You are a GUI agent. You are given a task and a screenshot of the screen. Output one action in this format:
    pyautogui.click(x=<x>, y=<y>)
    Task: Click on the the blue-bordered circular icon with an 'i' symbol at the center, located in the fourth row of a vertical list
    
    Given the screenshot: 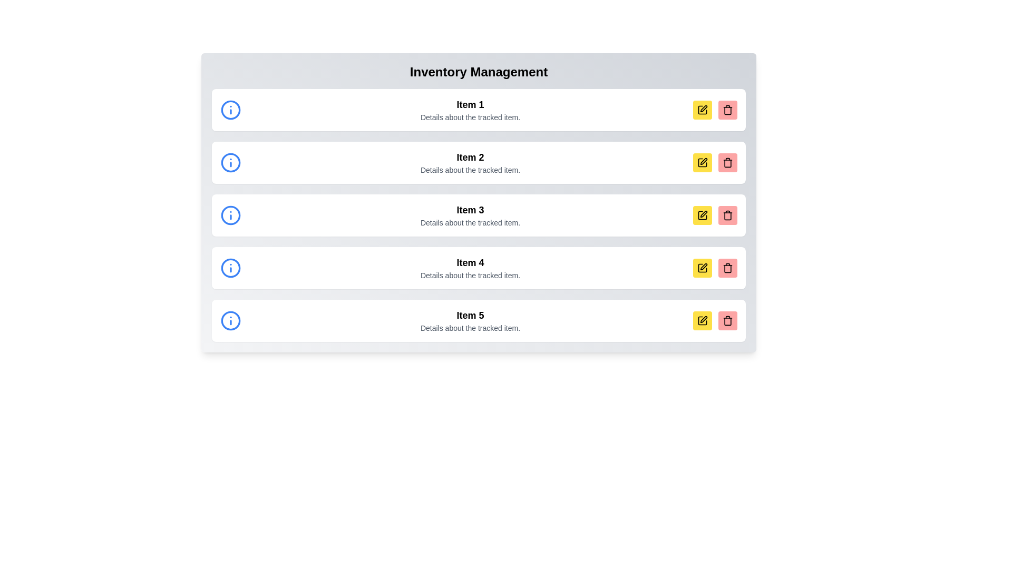 What is the action you would take?
    pyautogui.click(x=230, y=268)
    